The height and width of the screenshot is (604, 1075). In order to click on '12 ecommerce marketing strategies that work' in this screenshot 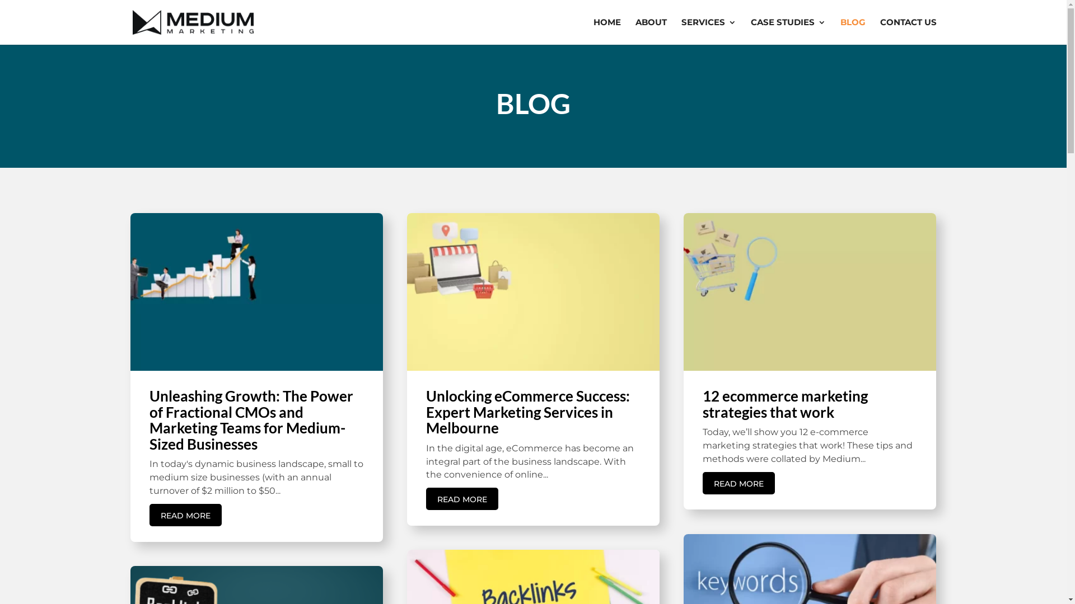, I will do `click(784, 404)`.